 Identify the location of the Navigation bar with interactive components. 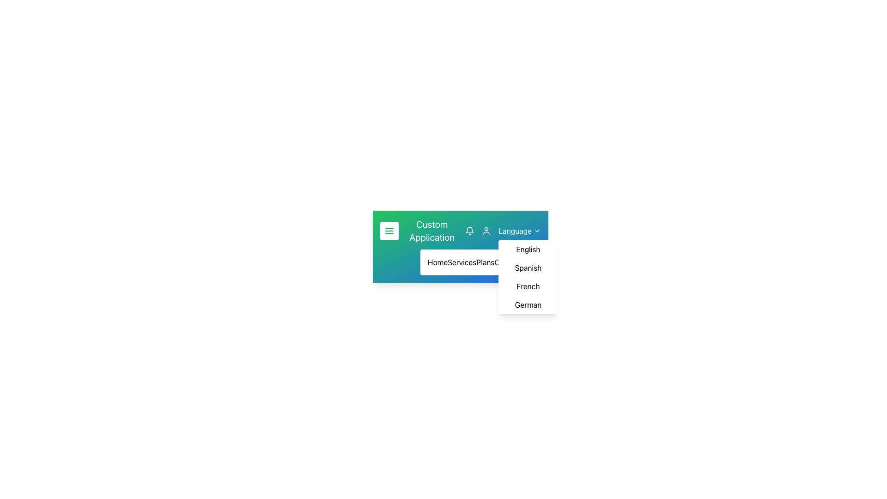
(461, 231).